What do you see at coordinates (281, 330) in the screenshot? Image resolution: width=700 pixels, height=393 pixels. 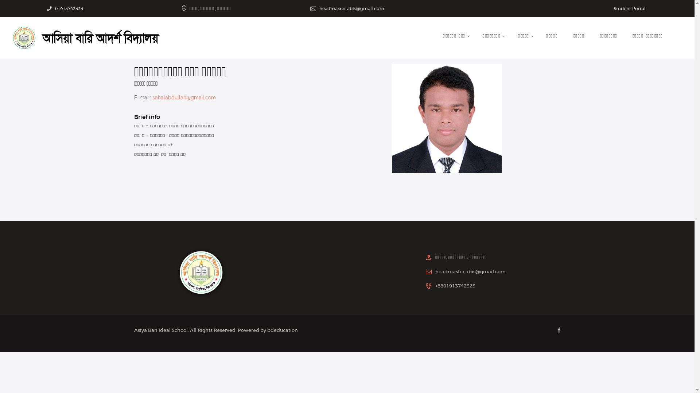 I see `'bdeducation'` at bounding box center [281, 330].